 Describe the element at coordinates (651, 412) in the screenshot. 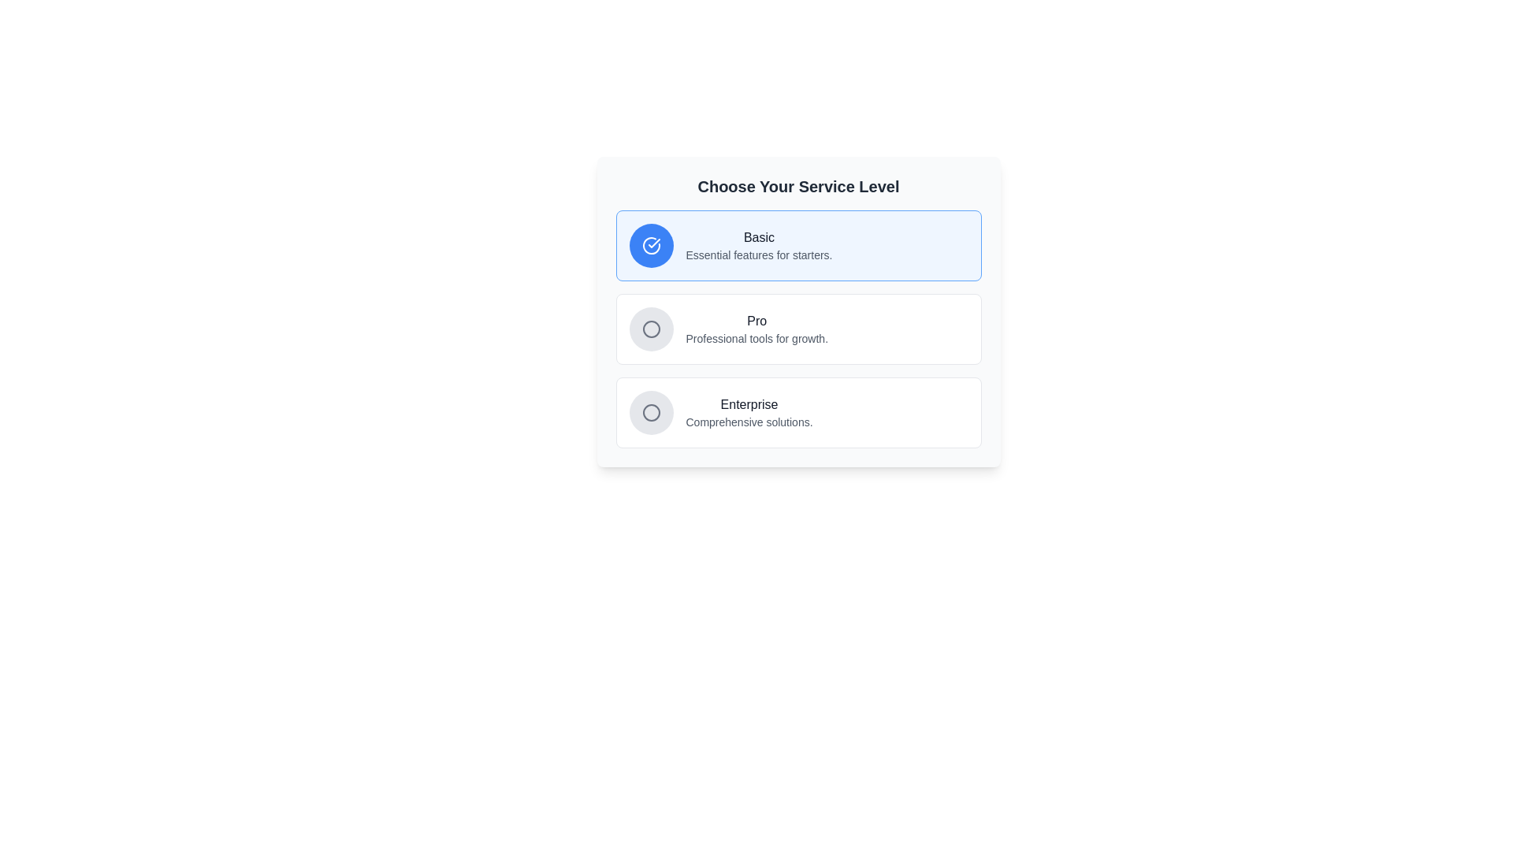

I see `the 'Enterprise' radio button` at that location.